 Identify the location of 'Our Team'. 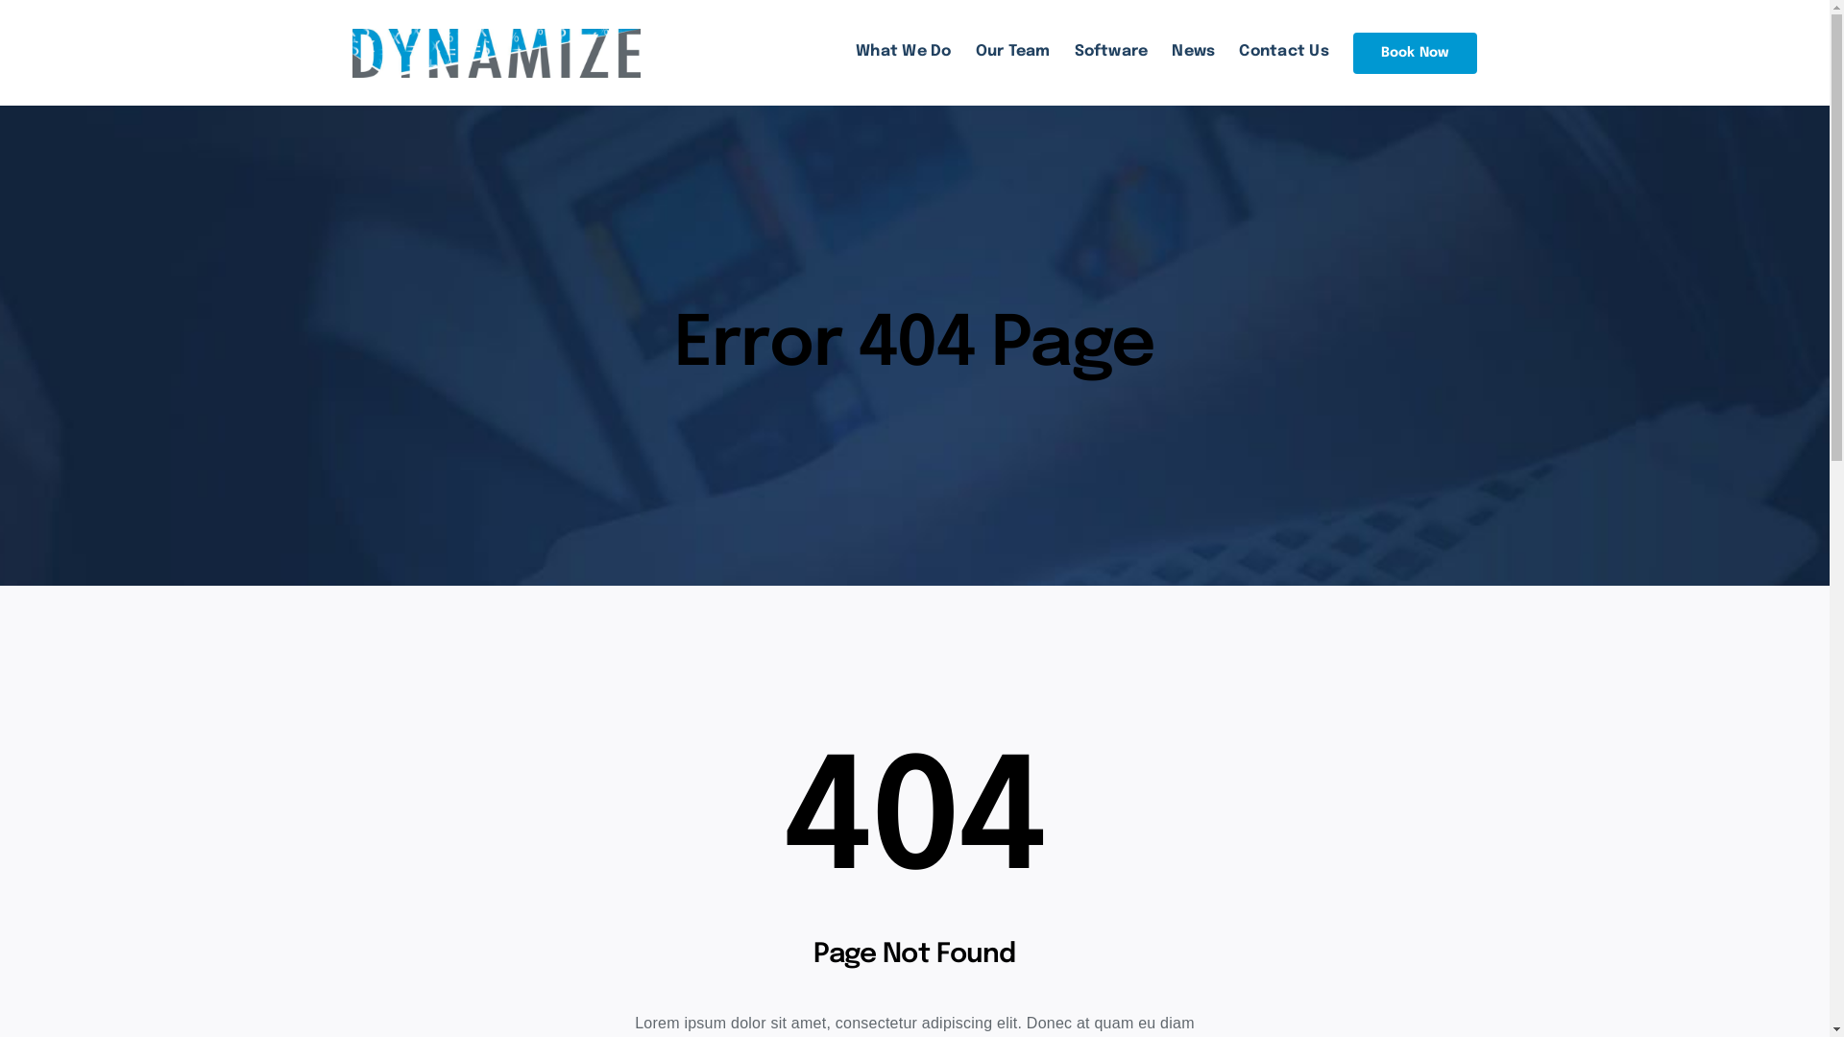
(1012, 51).